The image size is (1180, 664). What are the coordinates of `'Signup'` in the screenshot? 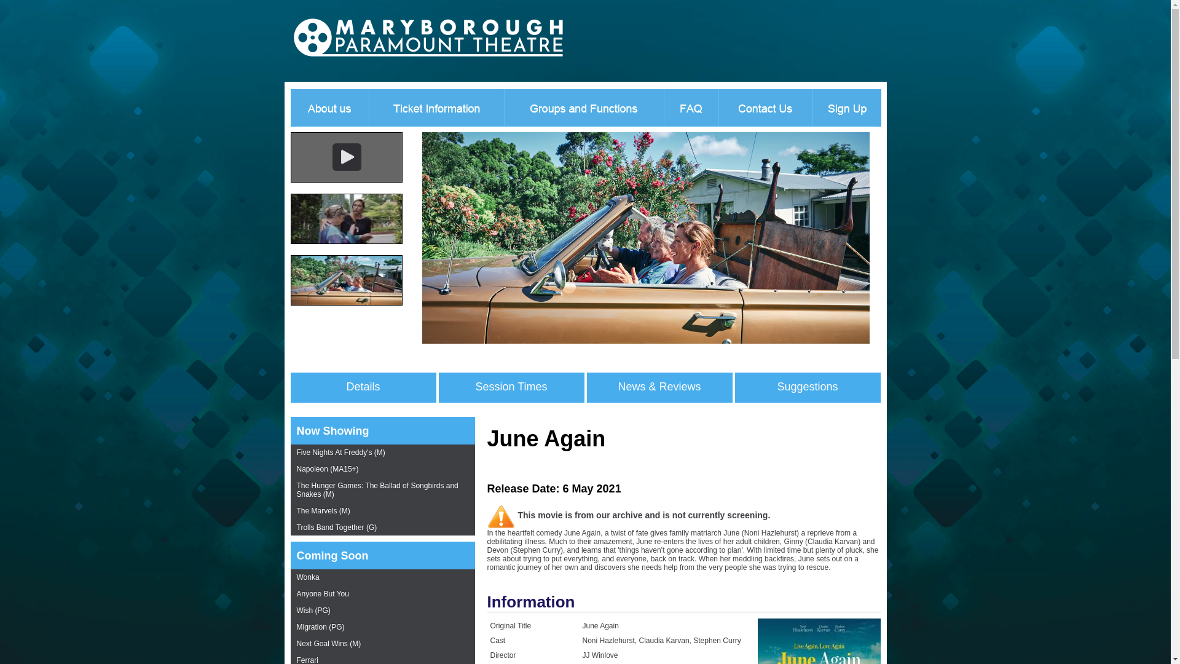 It's located at (812, 106).